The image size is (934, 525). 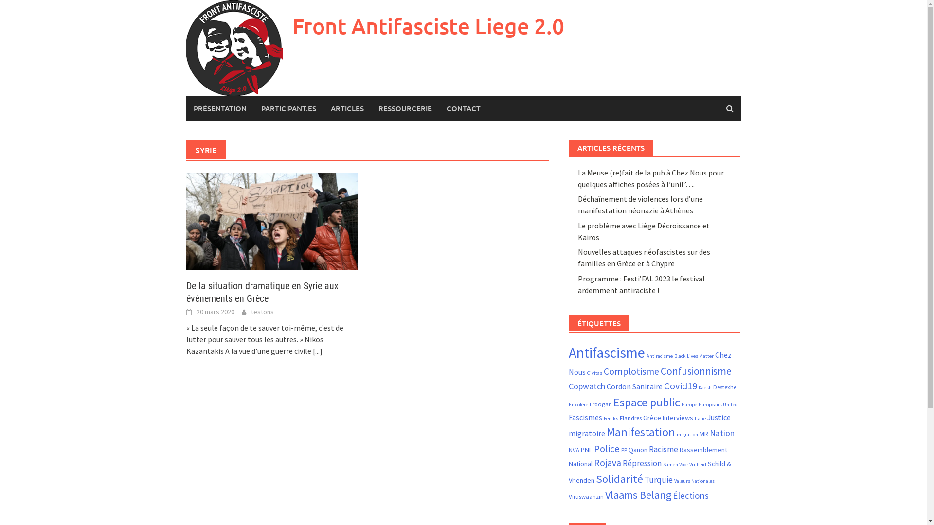 What do you see at coordinates (647, 402) in the screenshot?
I see `'Espace public'` at bounding box center [647, 402].